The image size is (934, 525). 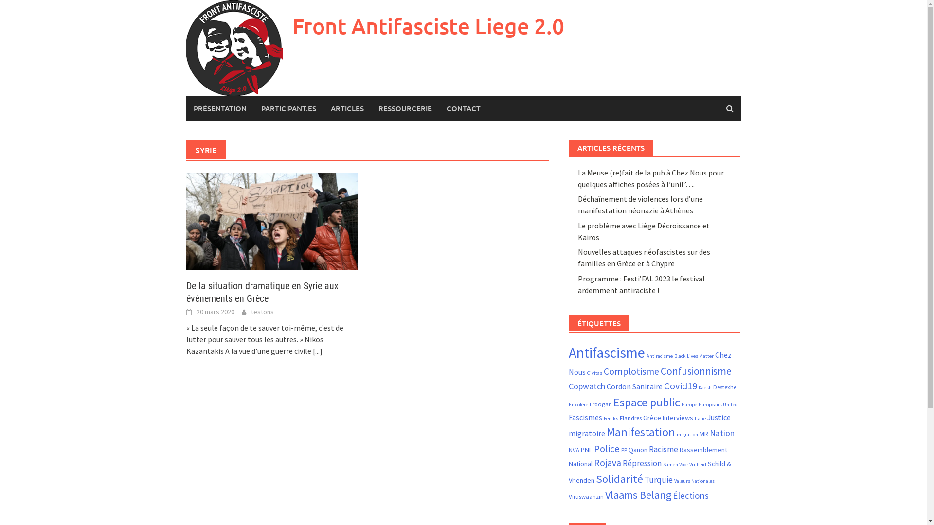 What do you see at coordinates (647, 402) in the screenshot?
I see `'Espace public'` at bounding box center [647, 402].